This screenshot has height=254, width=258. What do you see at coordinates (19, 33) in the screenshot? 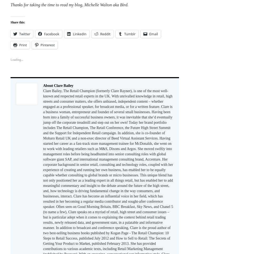
I see `'Twitter'` at bounding box center [19, 33].